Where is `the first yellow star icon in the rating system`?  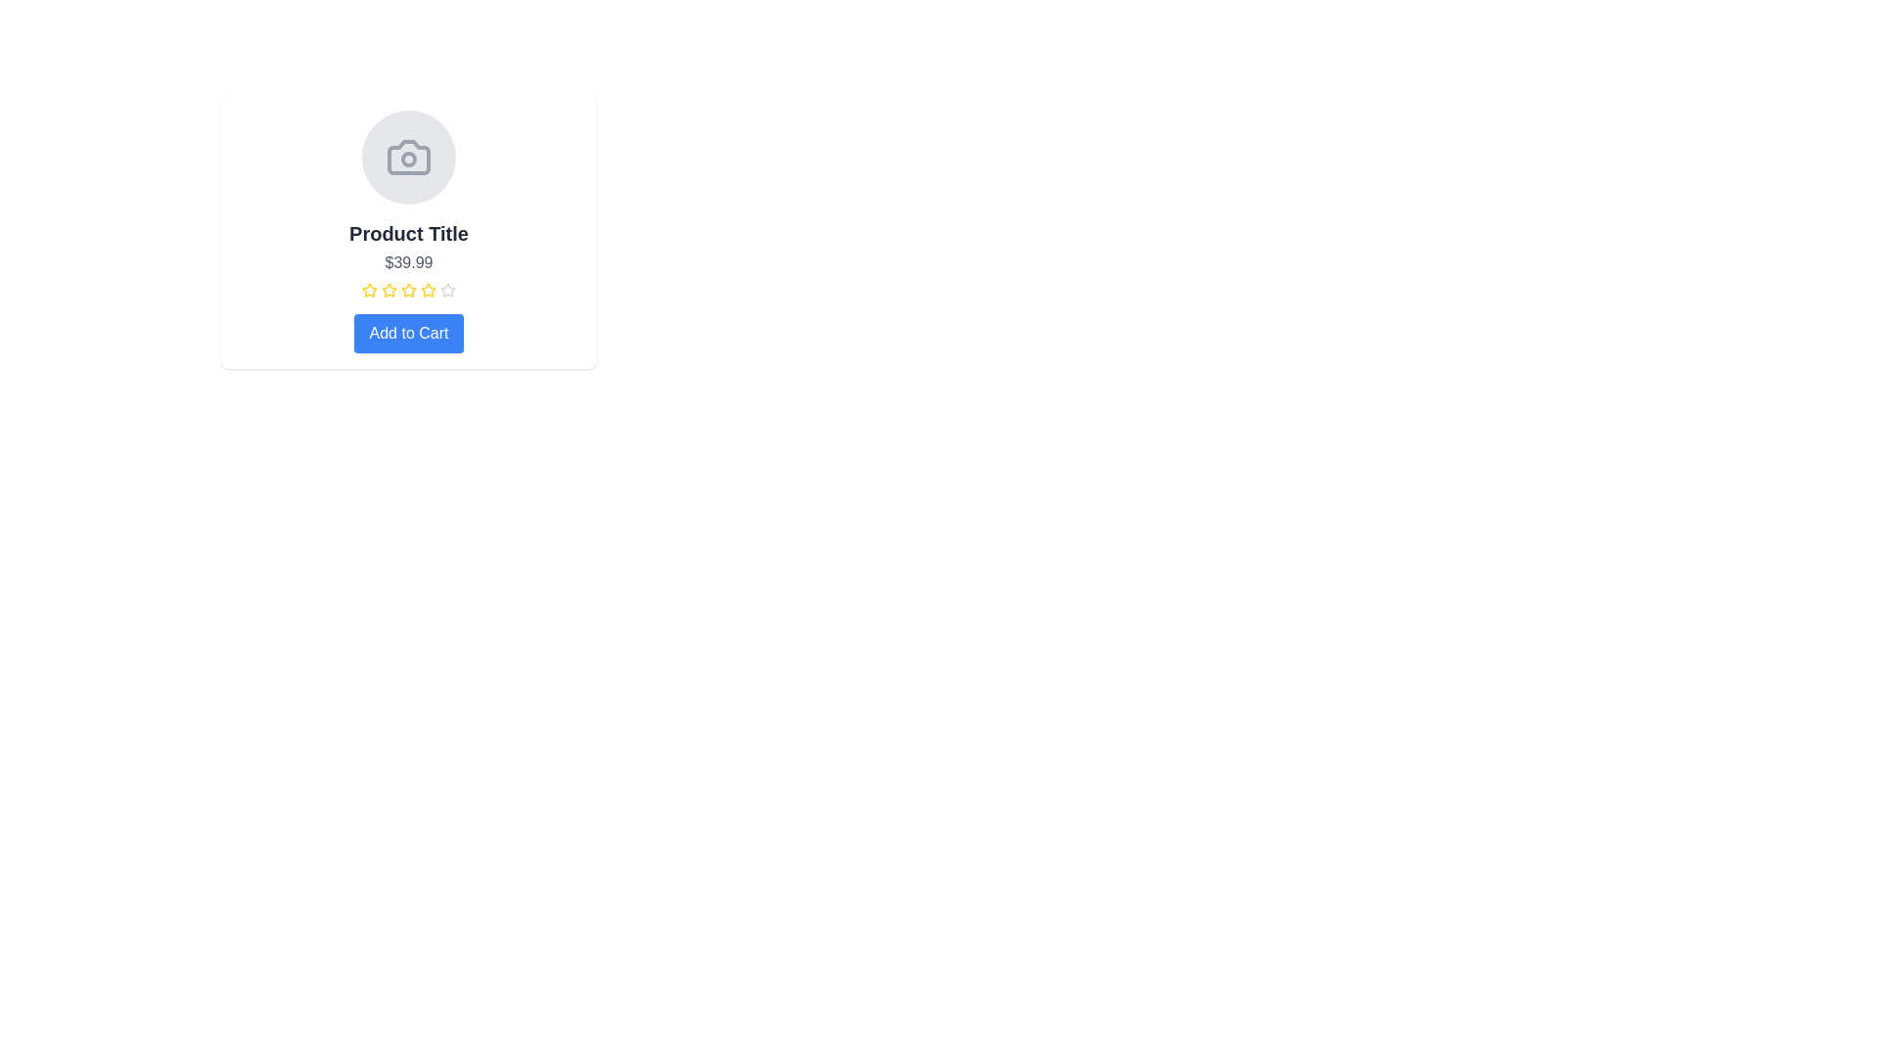
the first yellow star icon in the rating system is located at coordinates (370, 291).